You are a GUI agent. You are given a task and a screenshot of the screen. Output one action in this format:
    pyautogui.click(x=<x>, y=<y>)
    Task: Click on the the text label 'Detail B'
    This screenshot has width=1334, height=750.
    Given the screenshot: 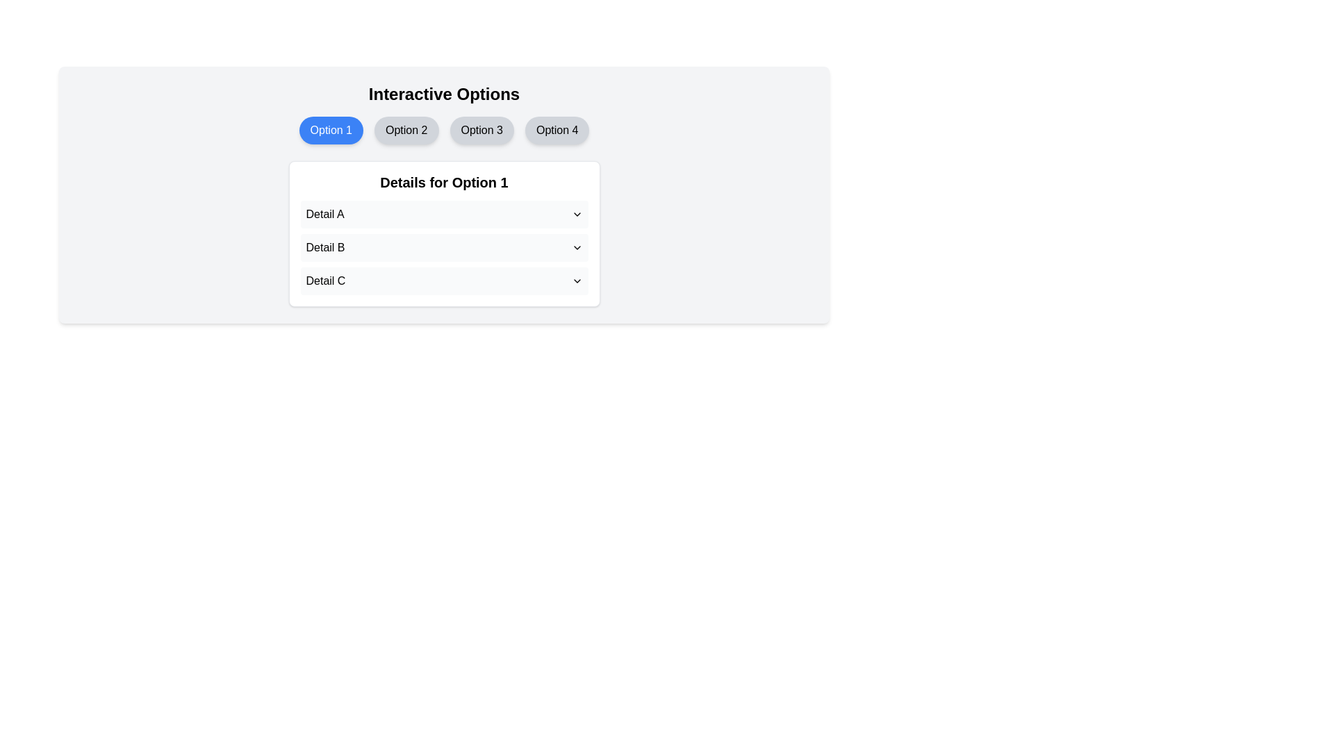 What is the action you would take?
    pyautogui.click(x=324, y=247)
    